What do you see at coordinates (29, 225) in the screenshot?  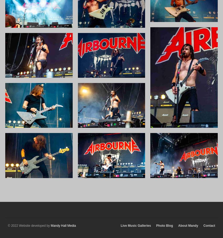 I see `'© 2022 Website developed by'` at bounding box center [29, 225].